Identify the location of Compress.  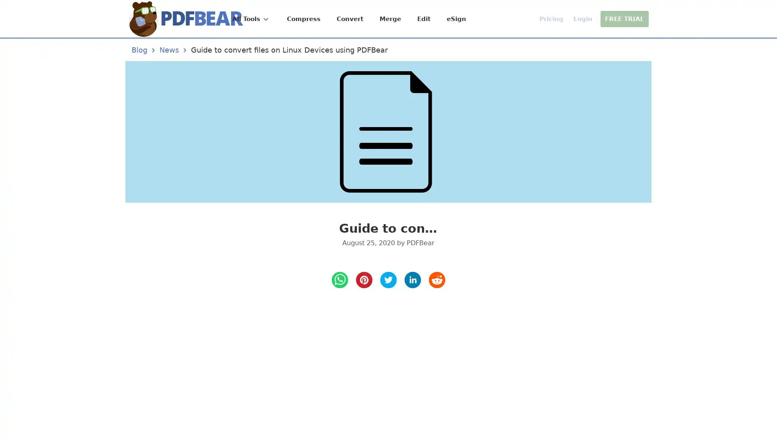
(303, 18).